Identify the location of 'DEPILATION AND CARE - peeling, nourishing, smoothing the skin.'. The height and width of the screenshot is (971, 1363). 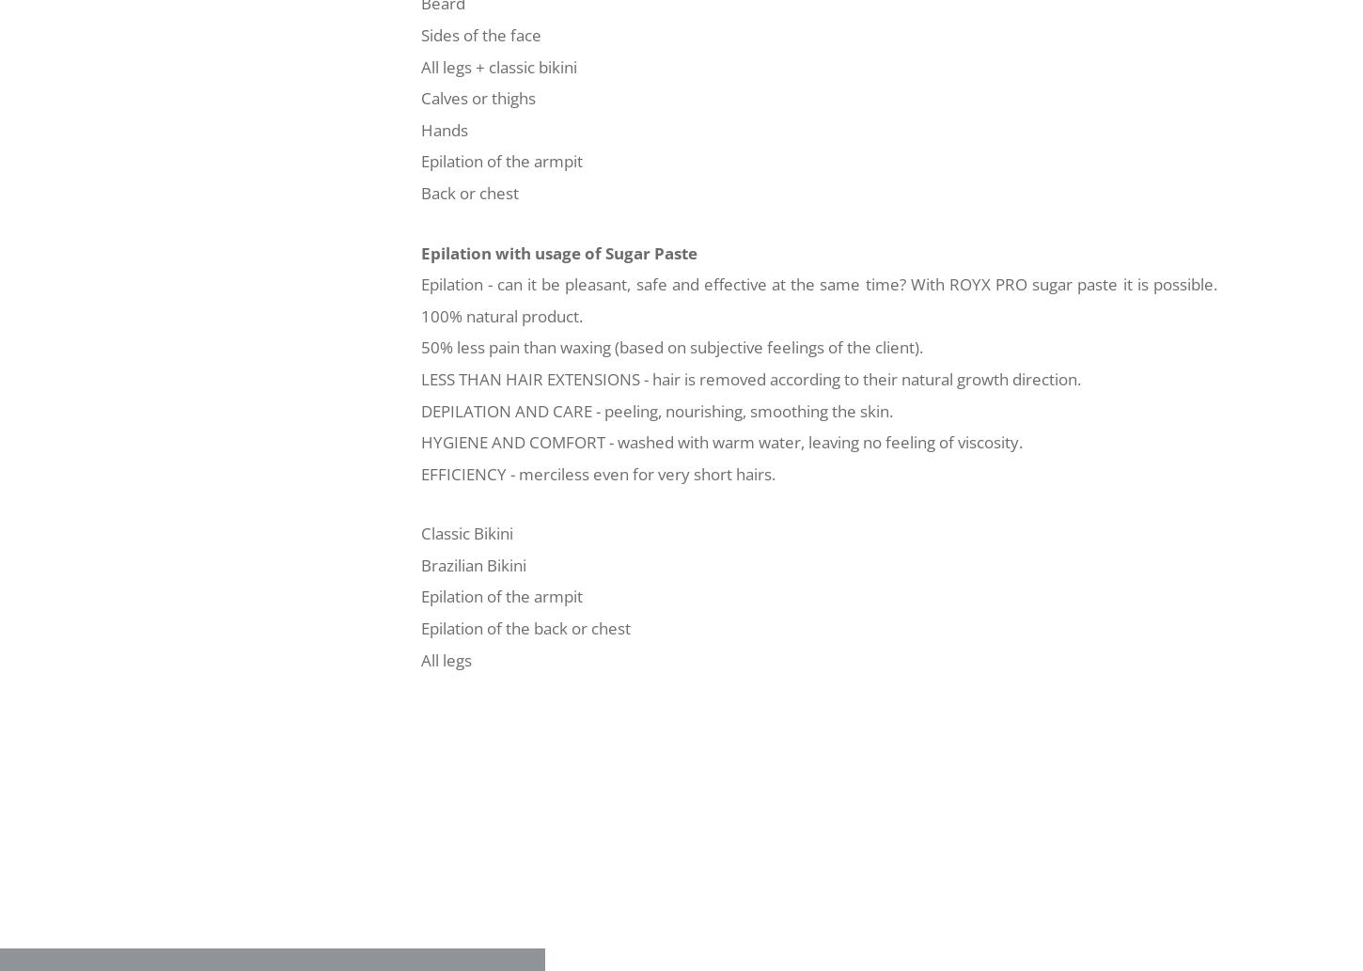
(655, 410).